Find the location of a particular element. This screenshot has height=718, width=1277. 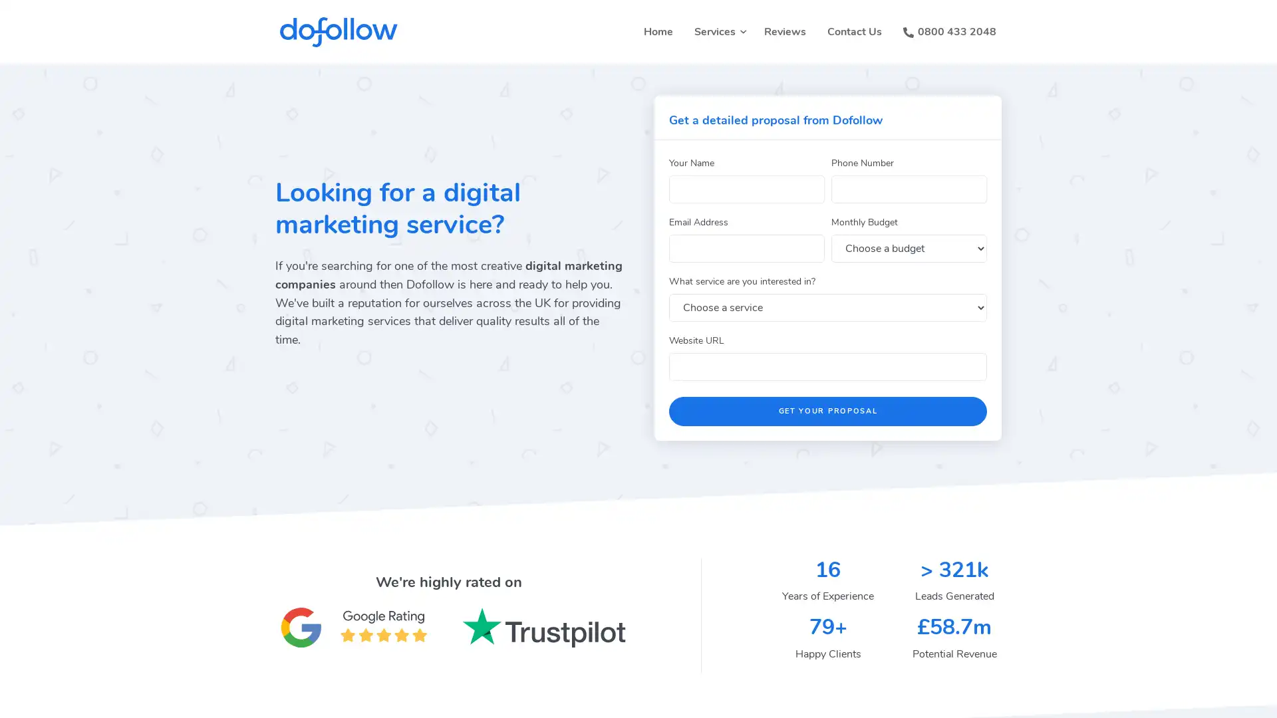

GET YOUR PROPOSAL is located at coordinates (827, 410).